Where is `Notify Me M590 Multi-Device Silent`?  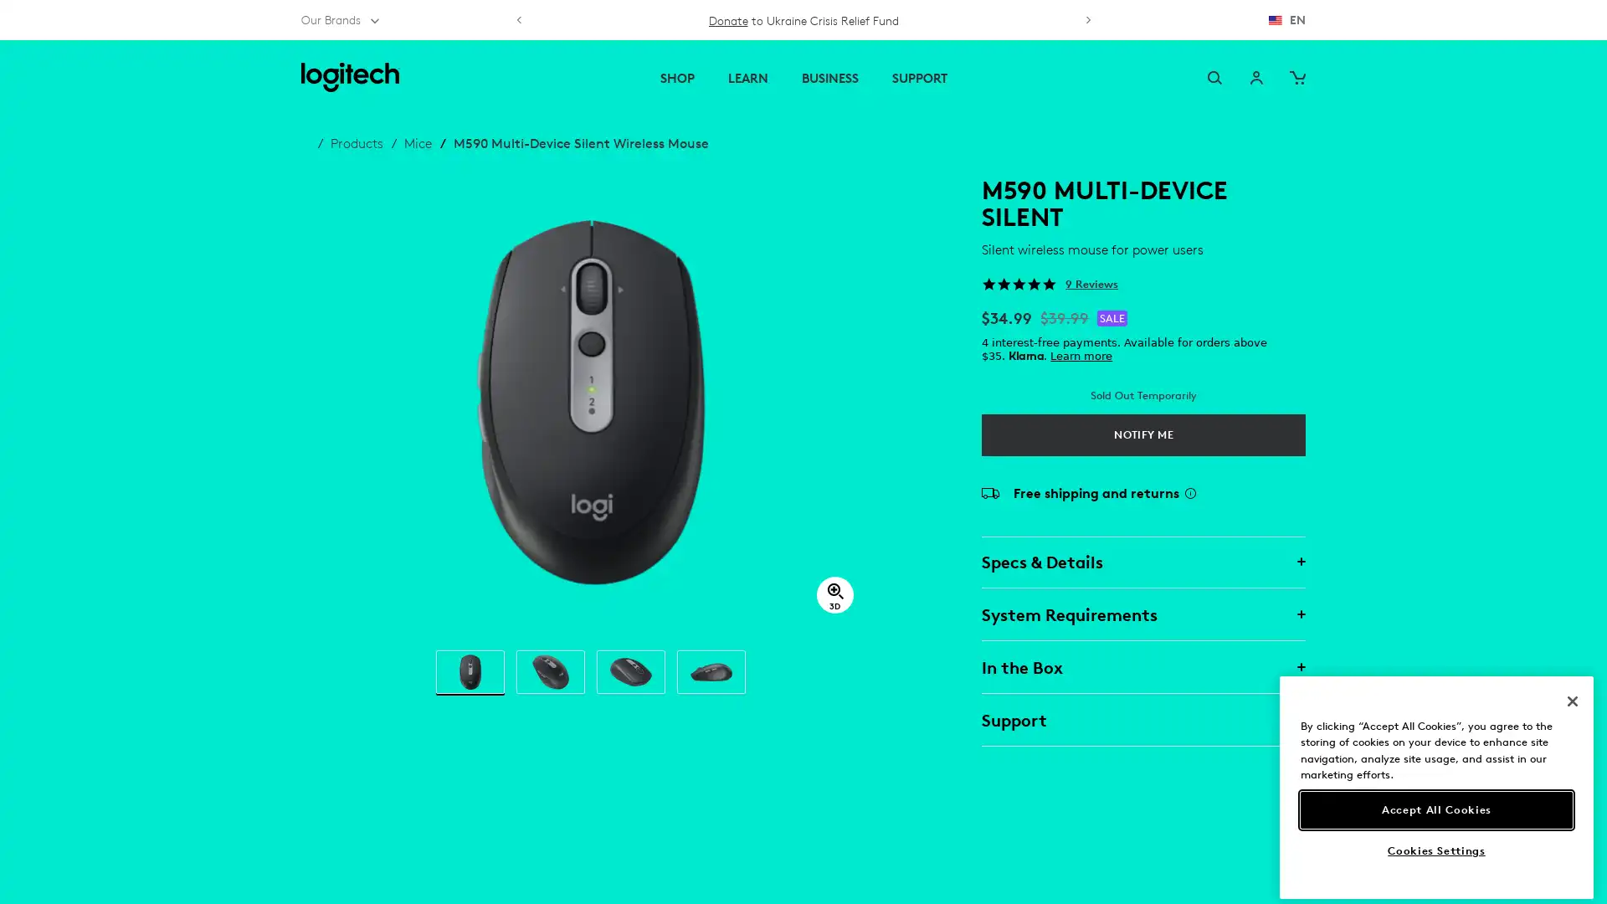 Notify Me M590 Multi-Device Silent is located at coordinates (1142, 434).